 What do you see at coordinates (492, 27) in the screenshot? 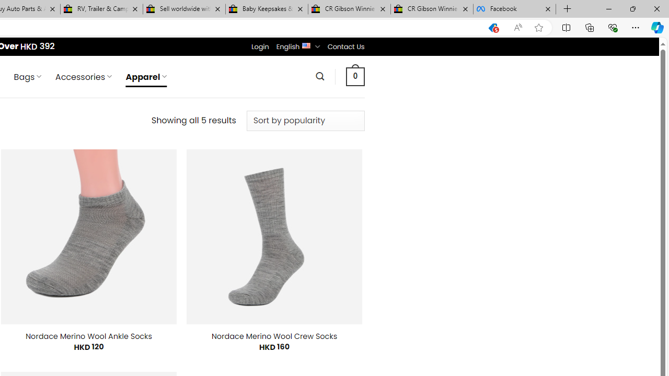
I see `'This site has coupons! Shopping in Microsoft Edge, 5'` at bounding box center [492, 27].